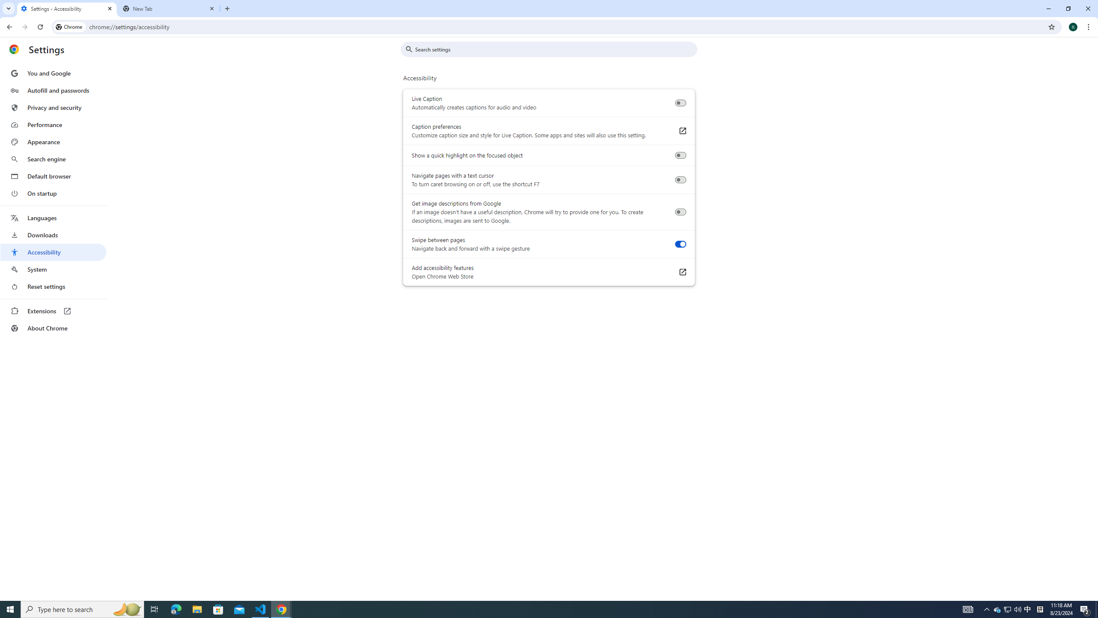  What do you see at coordinates (53, 176) in the screenshot?
I see `'Default browser'` at bounding box center [53, 176].